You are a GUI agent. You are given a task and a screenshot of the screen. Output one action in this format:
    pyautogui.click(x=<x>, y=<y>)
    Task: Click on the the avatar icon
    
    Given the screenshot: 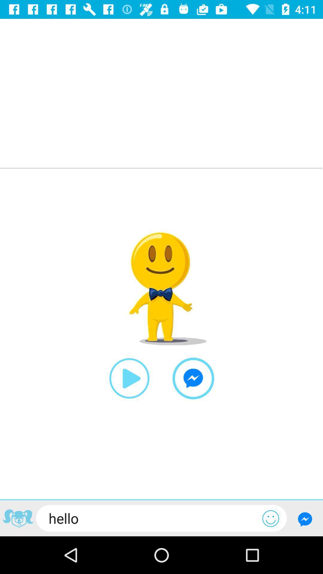 What is the action you would take?
    pyautogui.click(x=18, y=519)
    